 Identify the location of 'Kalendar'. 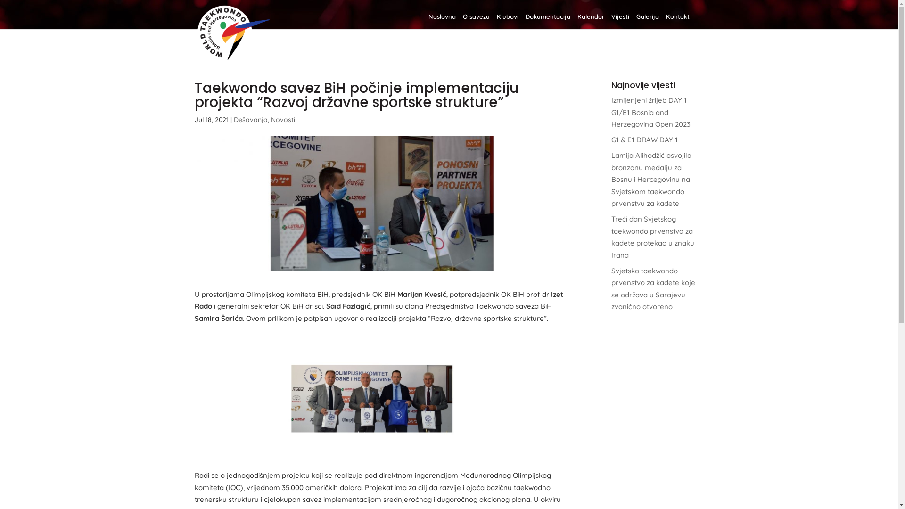
(590, 21).